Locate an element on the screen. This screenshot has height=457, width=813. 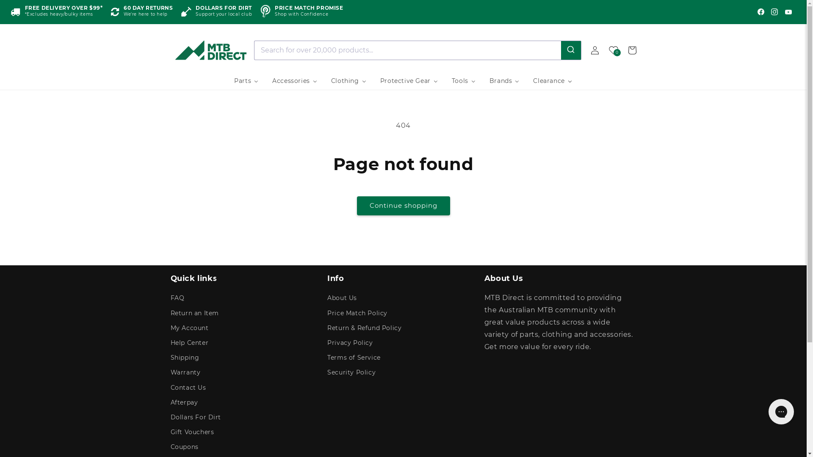
'Clearance' is located at coordinates (553, 81).